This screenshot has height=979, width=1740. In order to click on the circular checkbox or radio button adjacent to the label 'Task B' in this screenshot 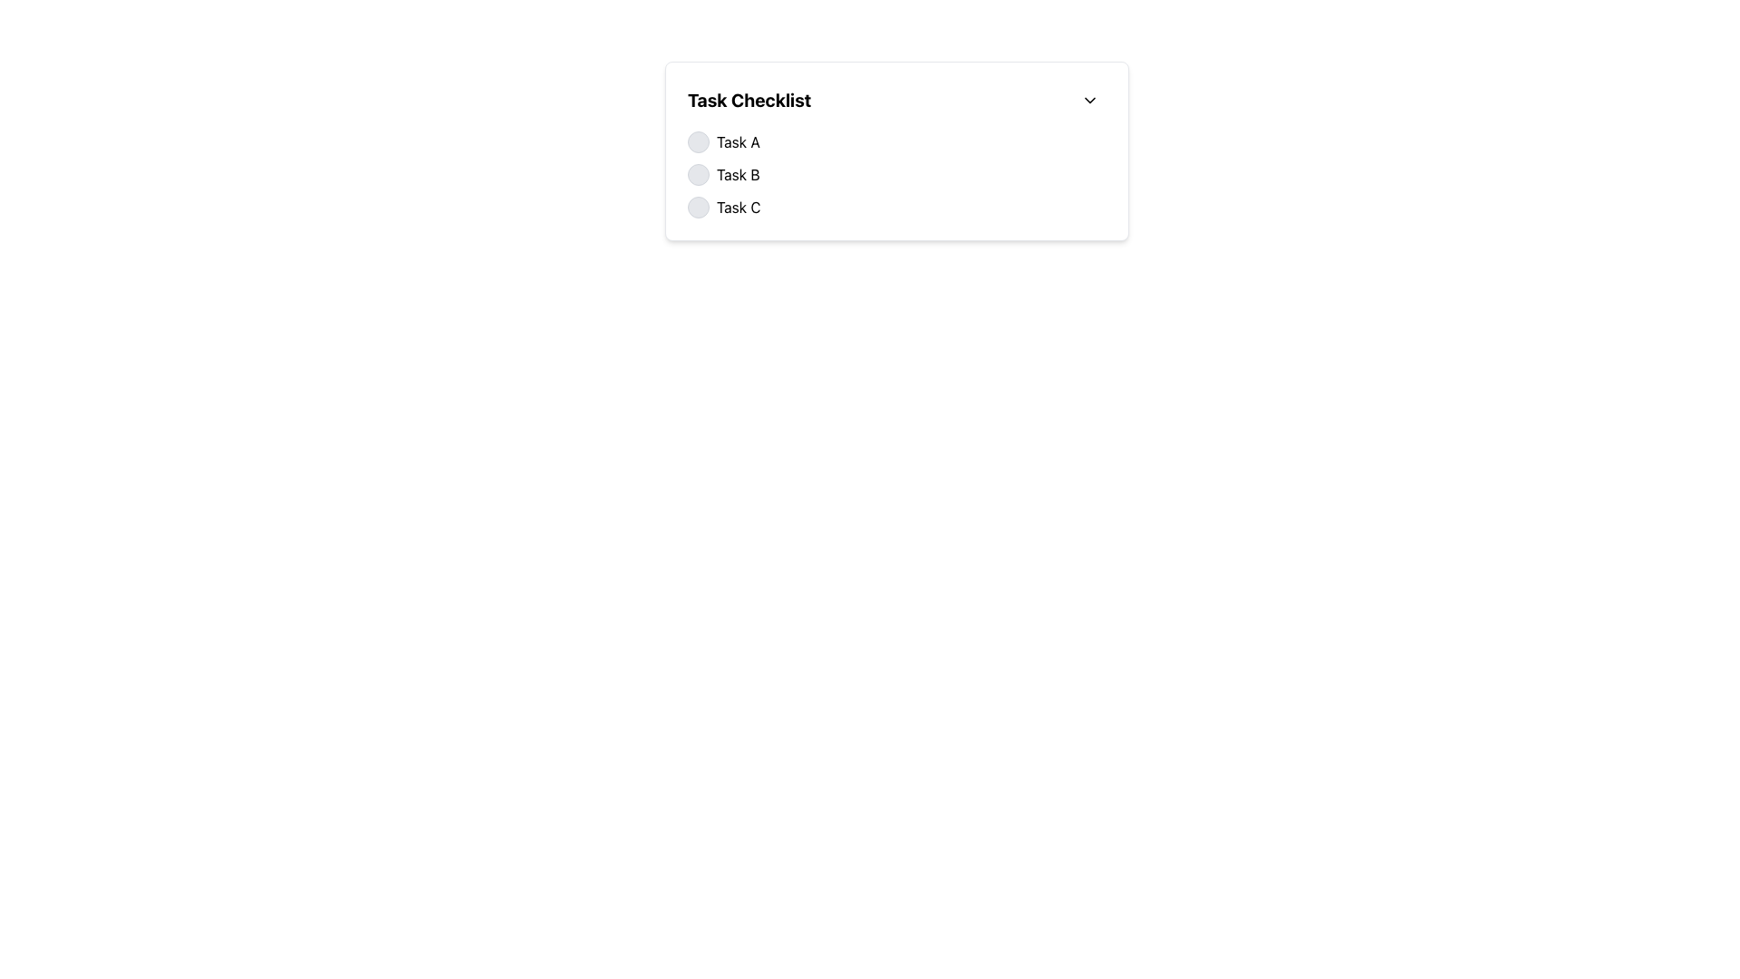, I will do `click(698, 174)`.